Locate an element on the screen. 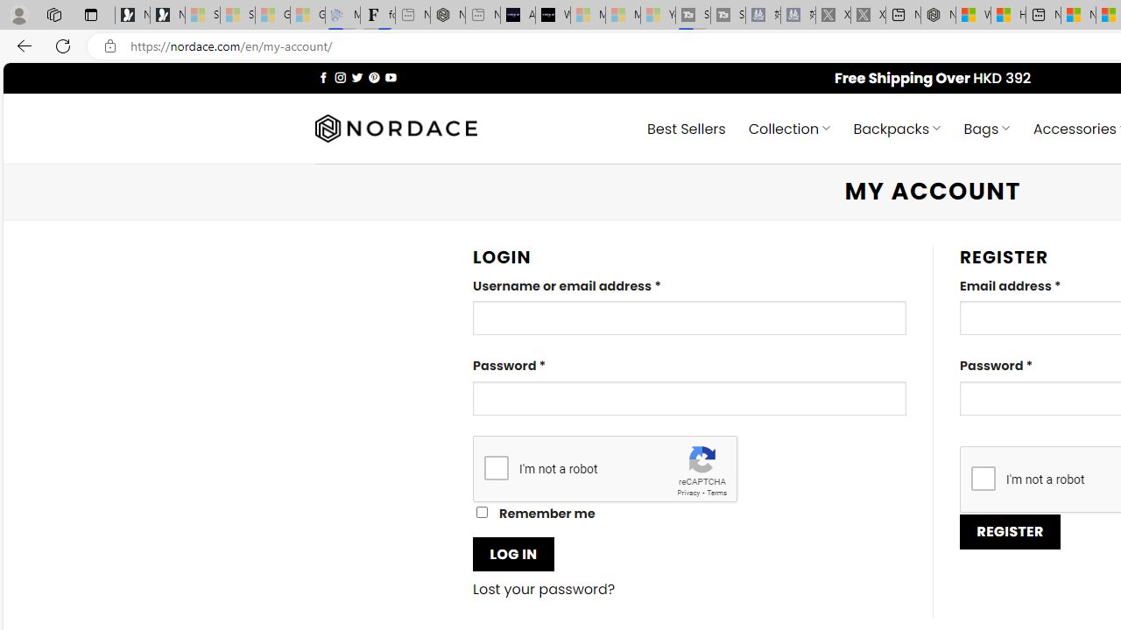 This screenshot has height=630, width=1121. 'Follow on YouTube' is located at coordinates (390, 76).